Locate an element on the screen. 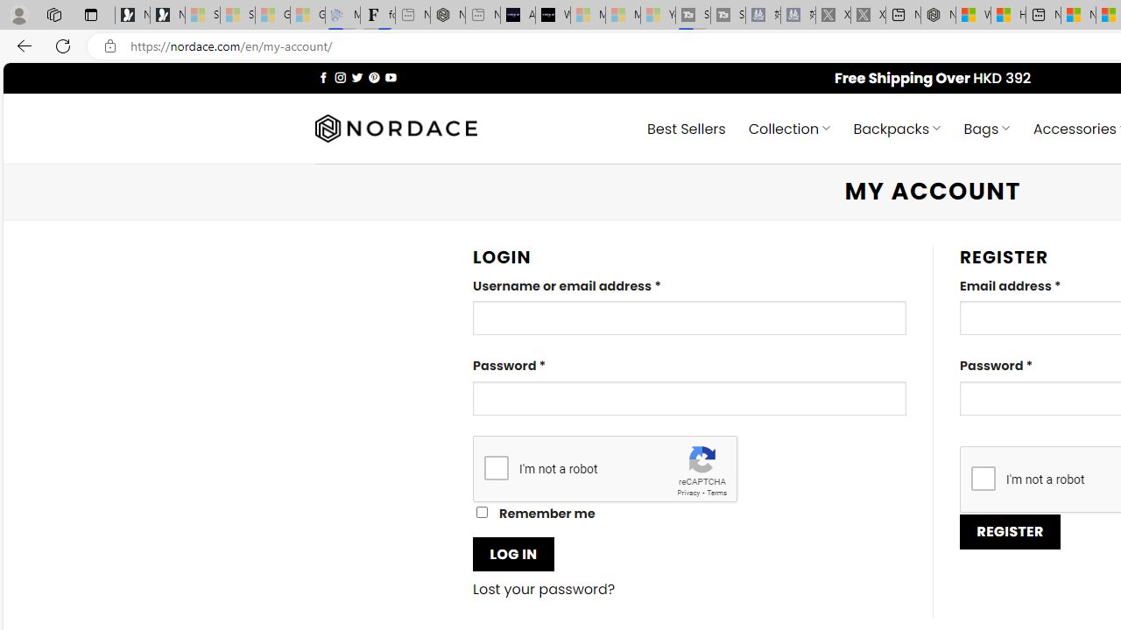 This screenshot has height=630, width=1121. 'Follow on YouTube' is located at coordinates (390, 76).